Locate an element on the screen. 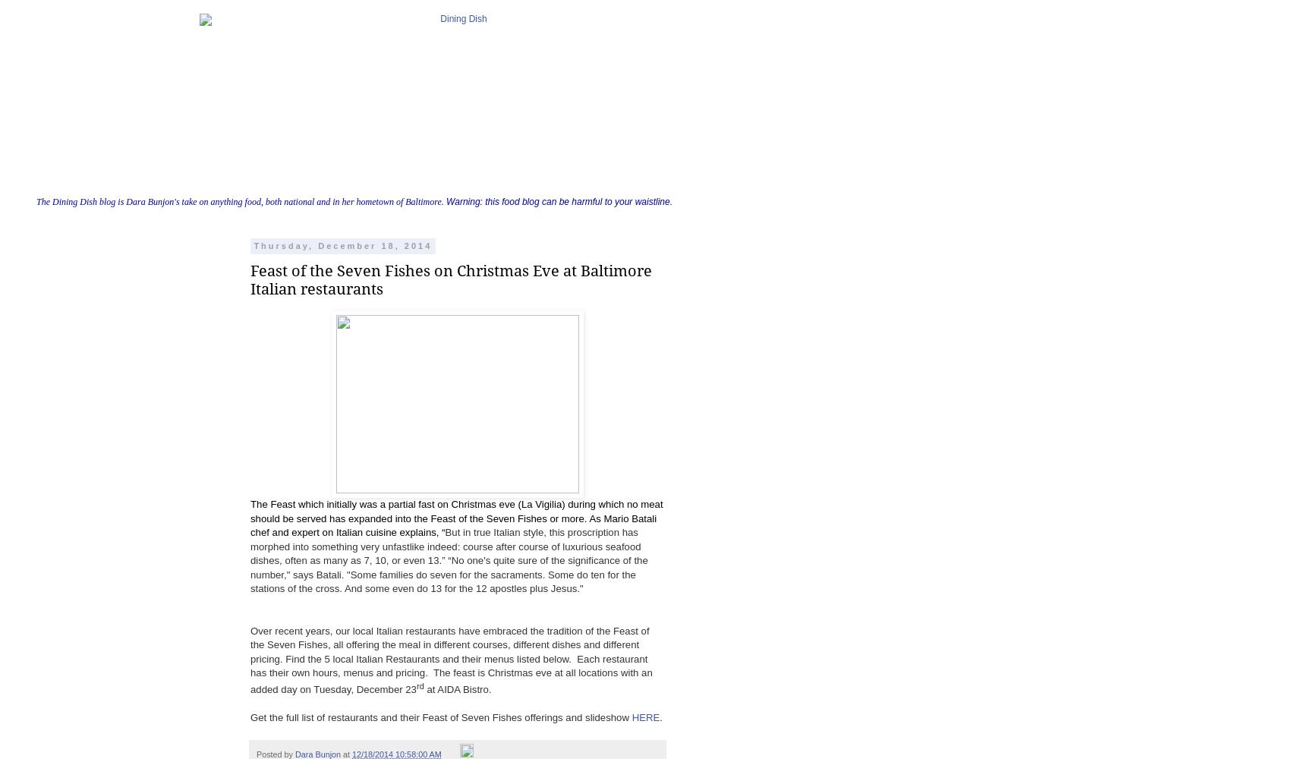  'The Feast which initially was a partial fast on Christmas
eve (La Vigilia) during which no meat should be served has expanded into the
Feast of the Seven Fishes or more. As Mario Batali chef and expert on Italian
cuisine explains, “' is located at coordinates (455, 518).